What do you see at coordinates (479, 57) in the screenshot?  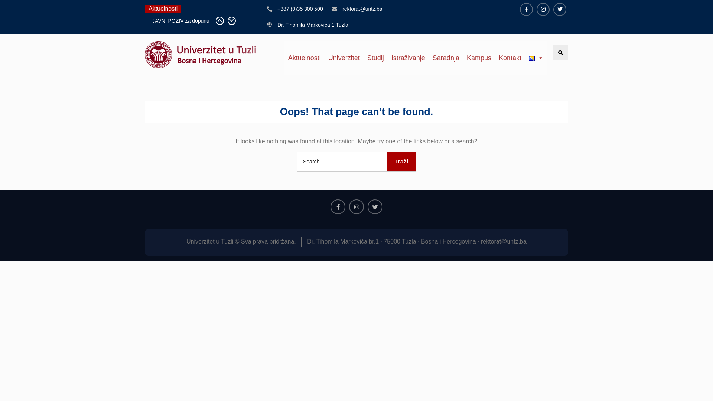 I see `'Kampus'` at bounding box center [479, 57].